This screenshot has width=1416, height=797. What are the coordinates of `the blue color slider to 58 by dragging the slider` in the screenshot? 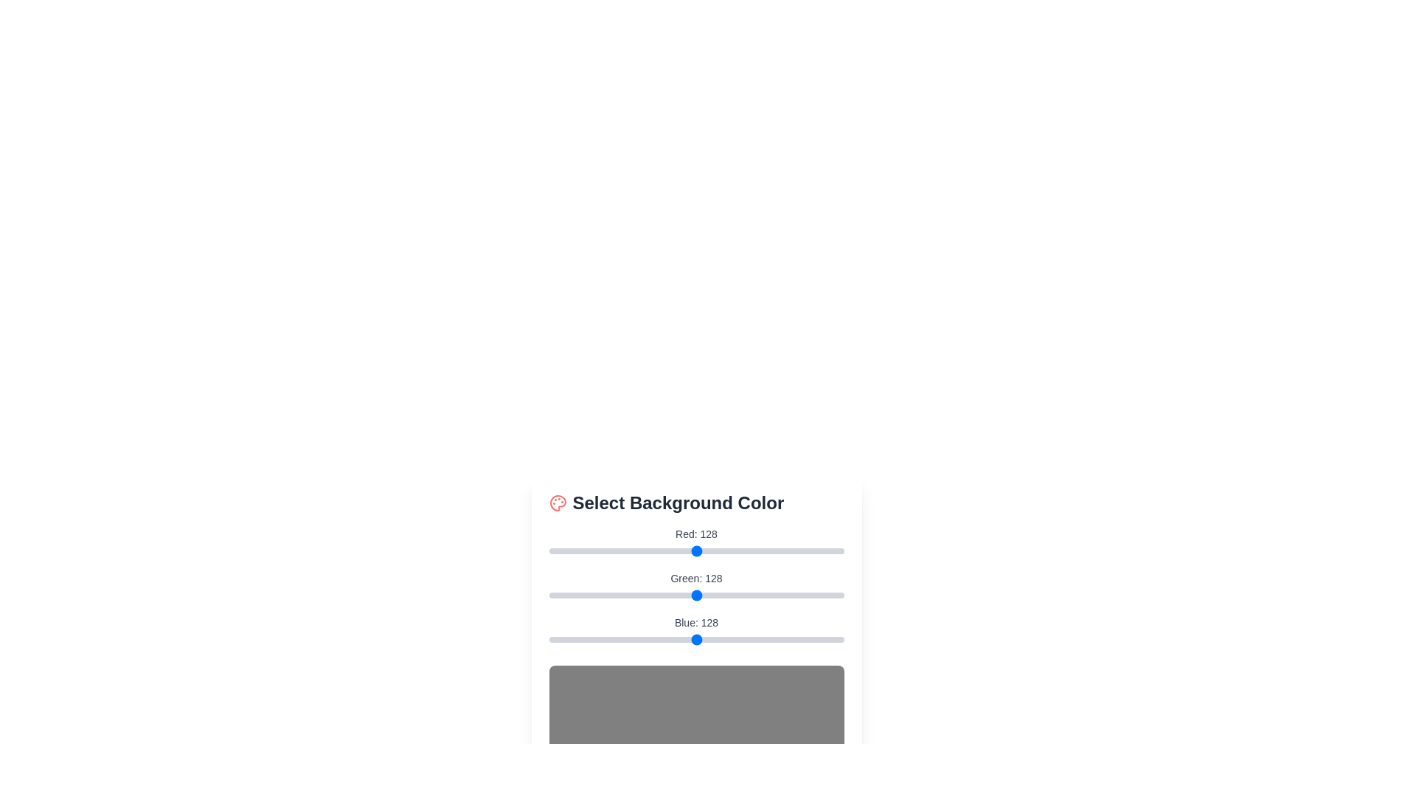 It's located at (616, 639).